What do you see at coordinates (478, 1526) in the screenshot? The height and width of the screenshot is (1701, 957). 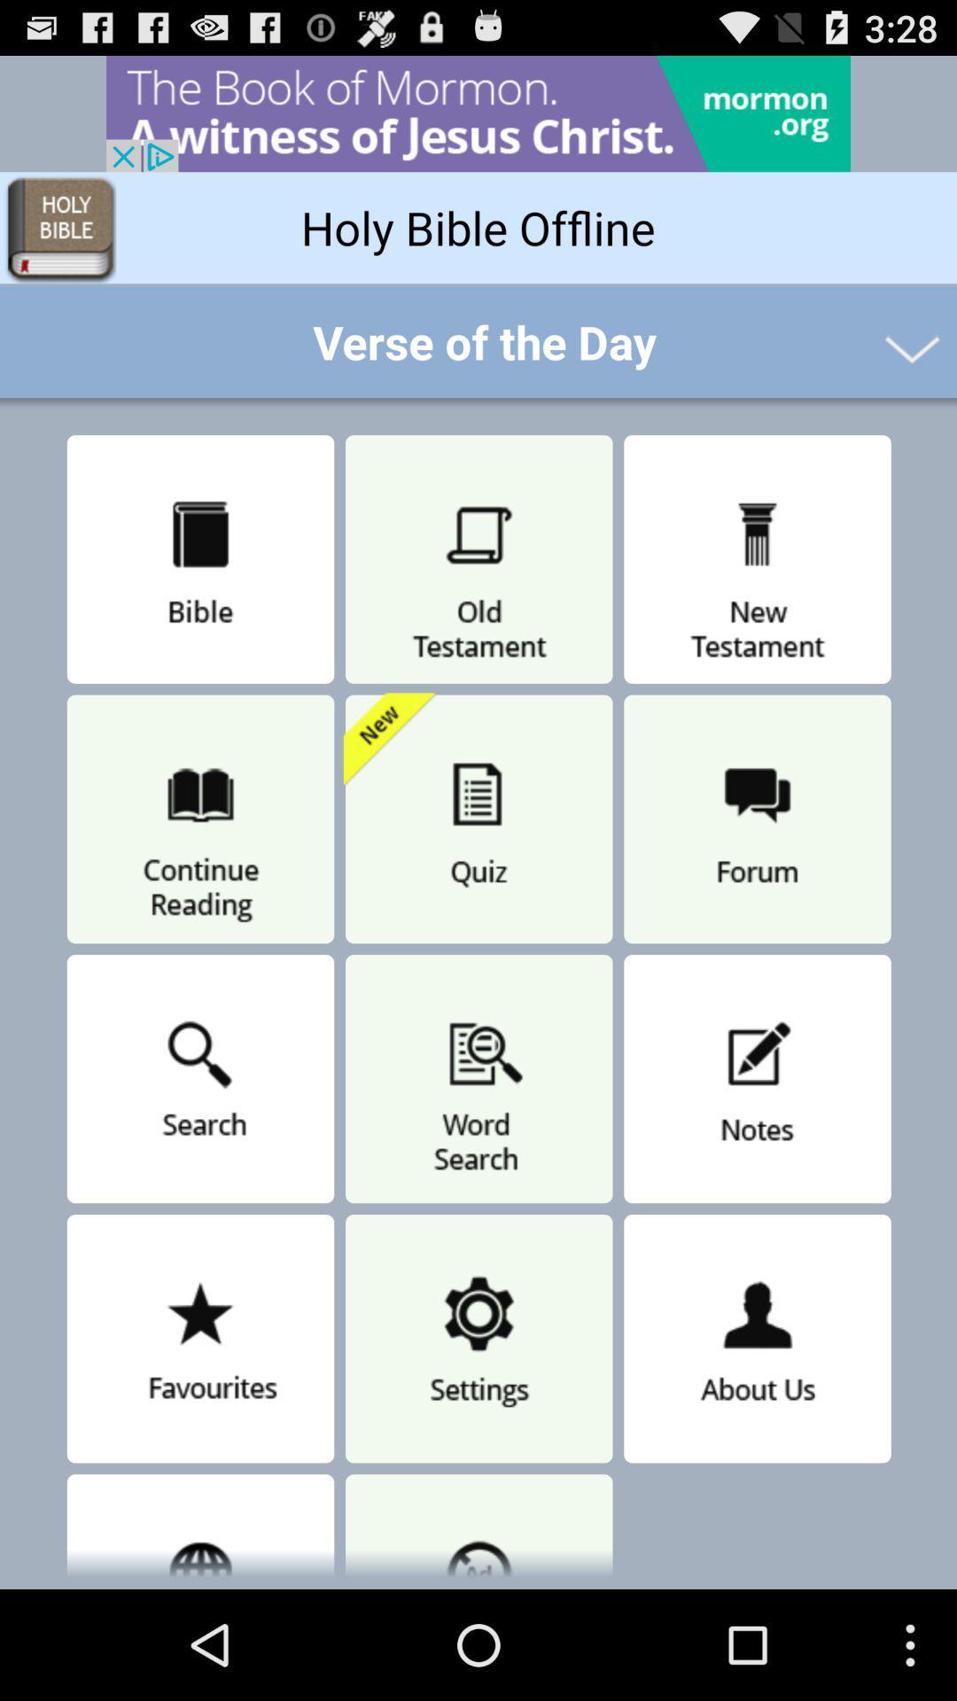 I see `the icon below the settings icon` at bounding box center [478, 1526].